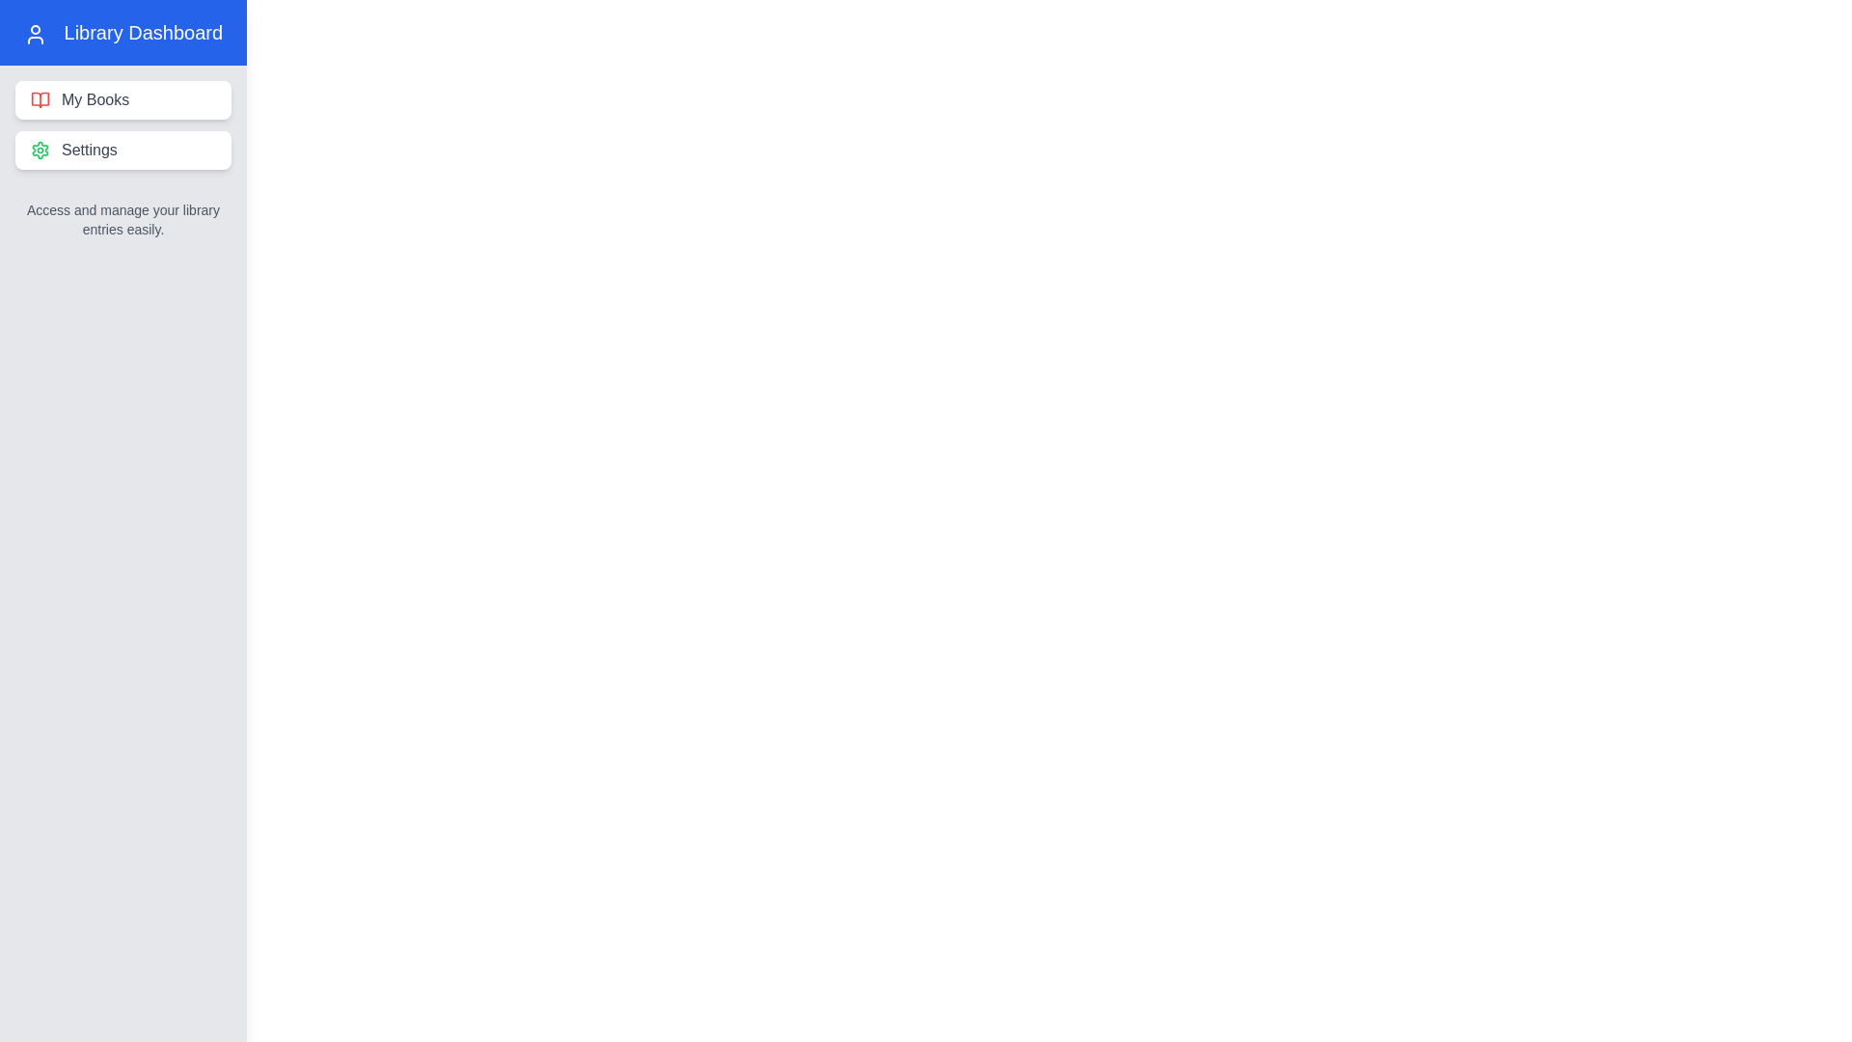 This screenshot has height=1042, width=1852. I want to click on the Library Dashboard header to interact with it, so click(123, 33).